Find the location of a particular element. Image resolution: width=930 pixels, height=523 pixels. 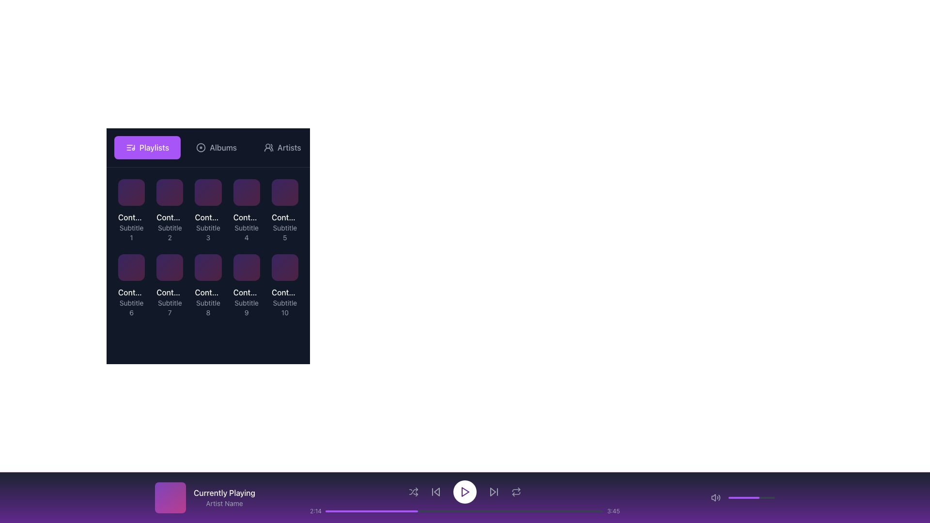

the media control icon located to the left of the central play button in the media playback interface for keyboard interaction is located at coordinates (493, 492).